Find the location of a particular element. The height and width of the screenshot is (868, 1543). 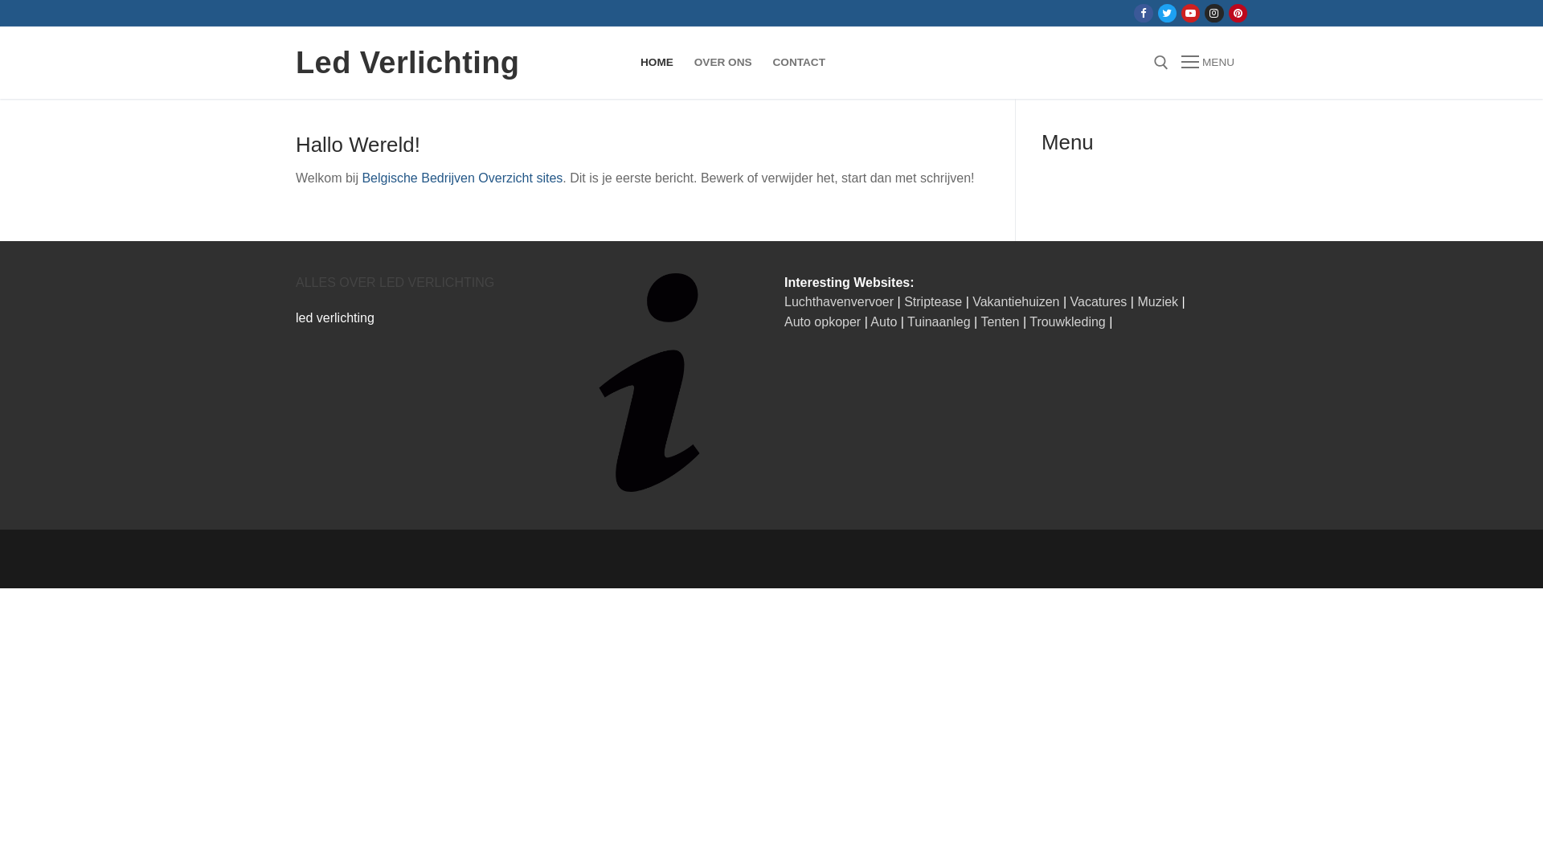

'Trouwkleding' is located at coordinates (1067, 321).